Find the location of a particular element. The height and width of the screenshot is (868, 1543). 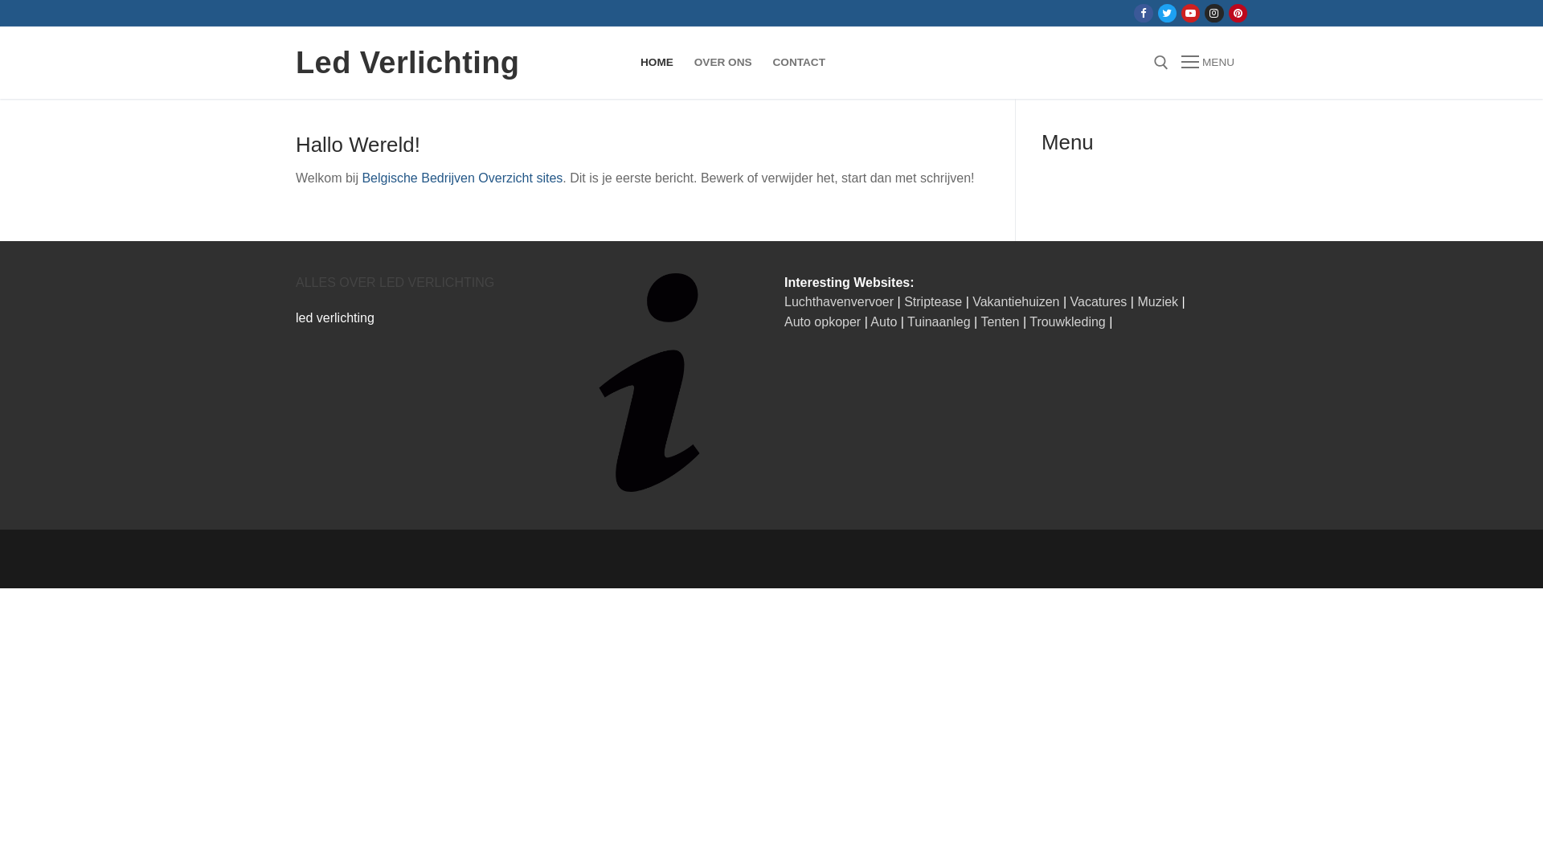

'Trouwkleding' is located at coordinates (1067, 321).